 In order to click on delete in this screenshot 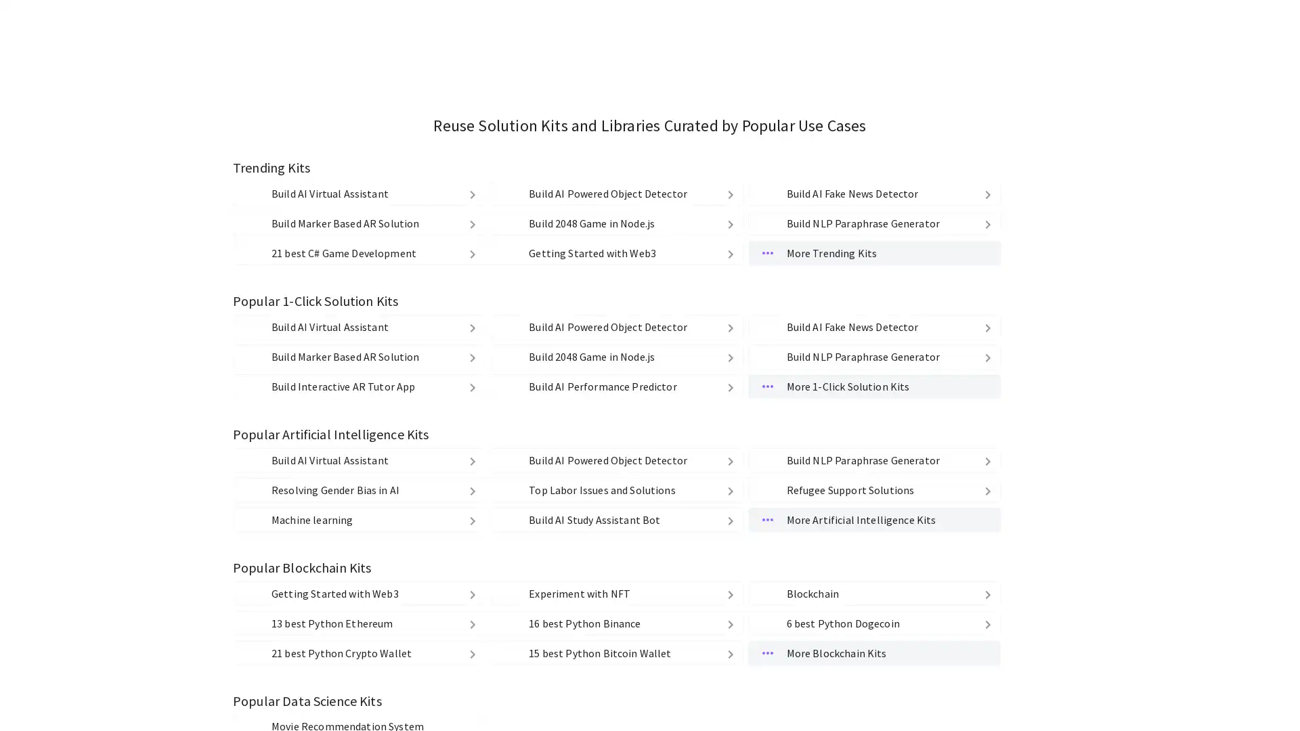, I will do `click(472, 594)`.